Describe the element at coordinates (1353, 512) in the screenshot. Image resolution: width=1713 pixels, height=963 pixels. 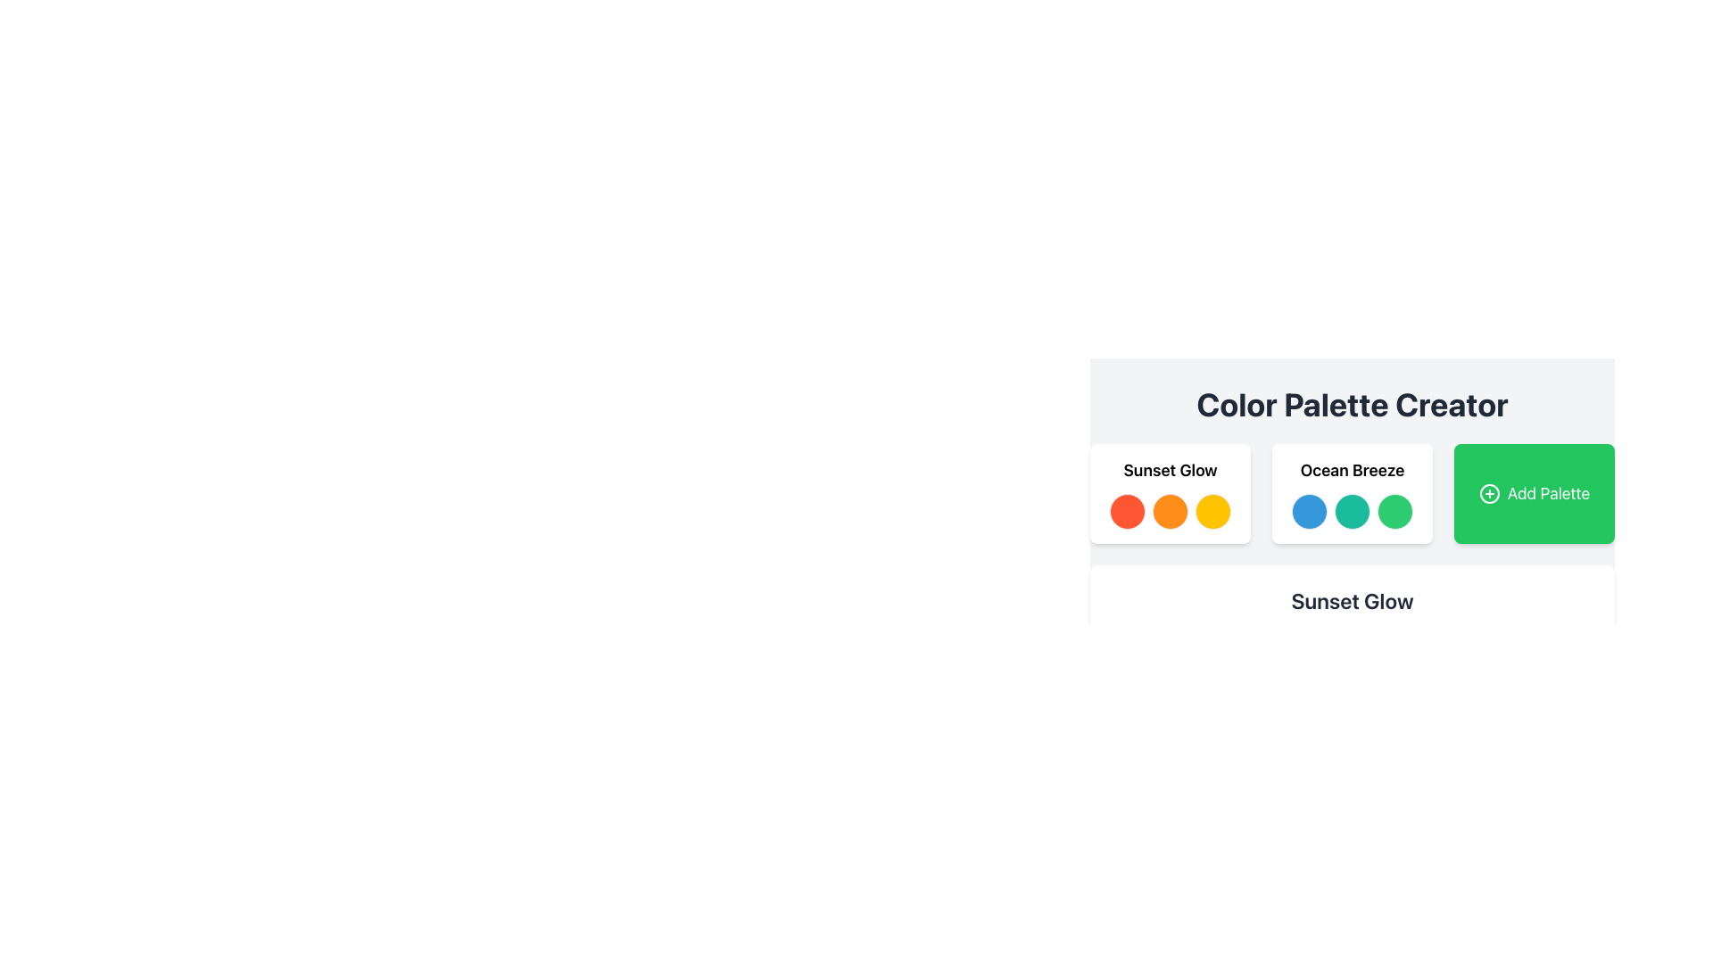
I see `the second circular decorative element beneath the 'Ocean Breeze' section` at that location.